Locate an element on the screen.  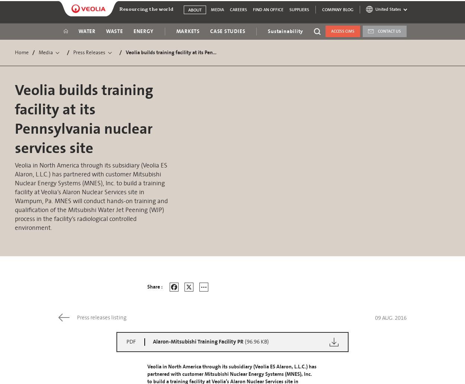
'Sarpi' is located at coordinates (333, 137).